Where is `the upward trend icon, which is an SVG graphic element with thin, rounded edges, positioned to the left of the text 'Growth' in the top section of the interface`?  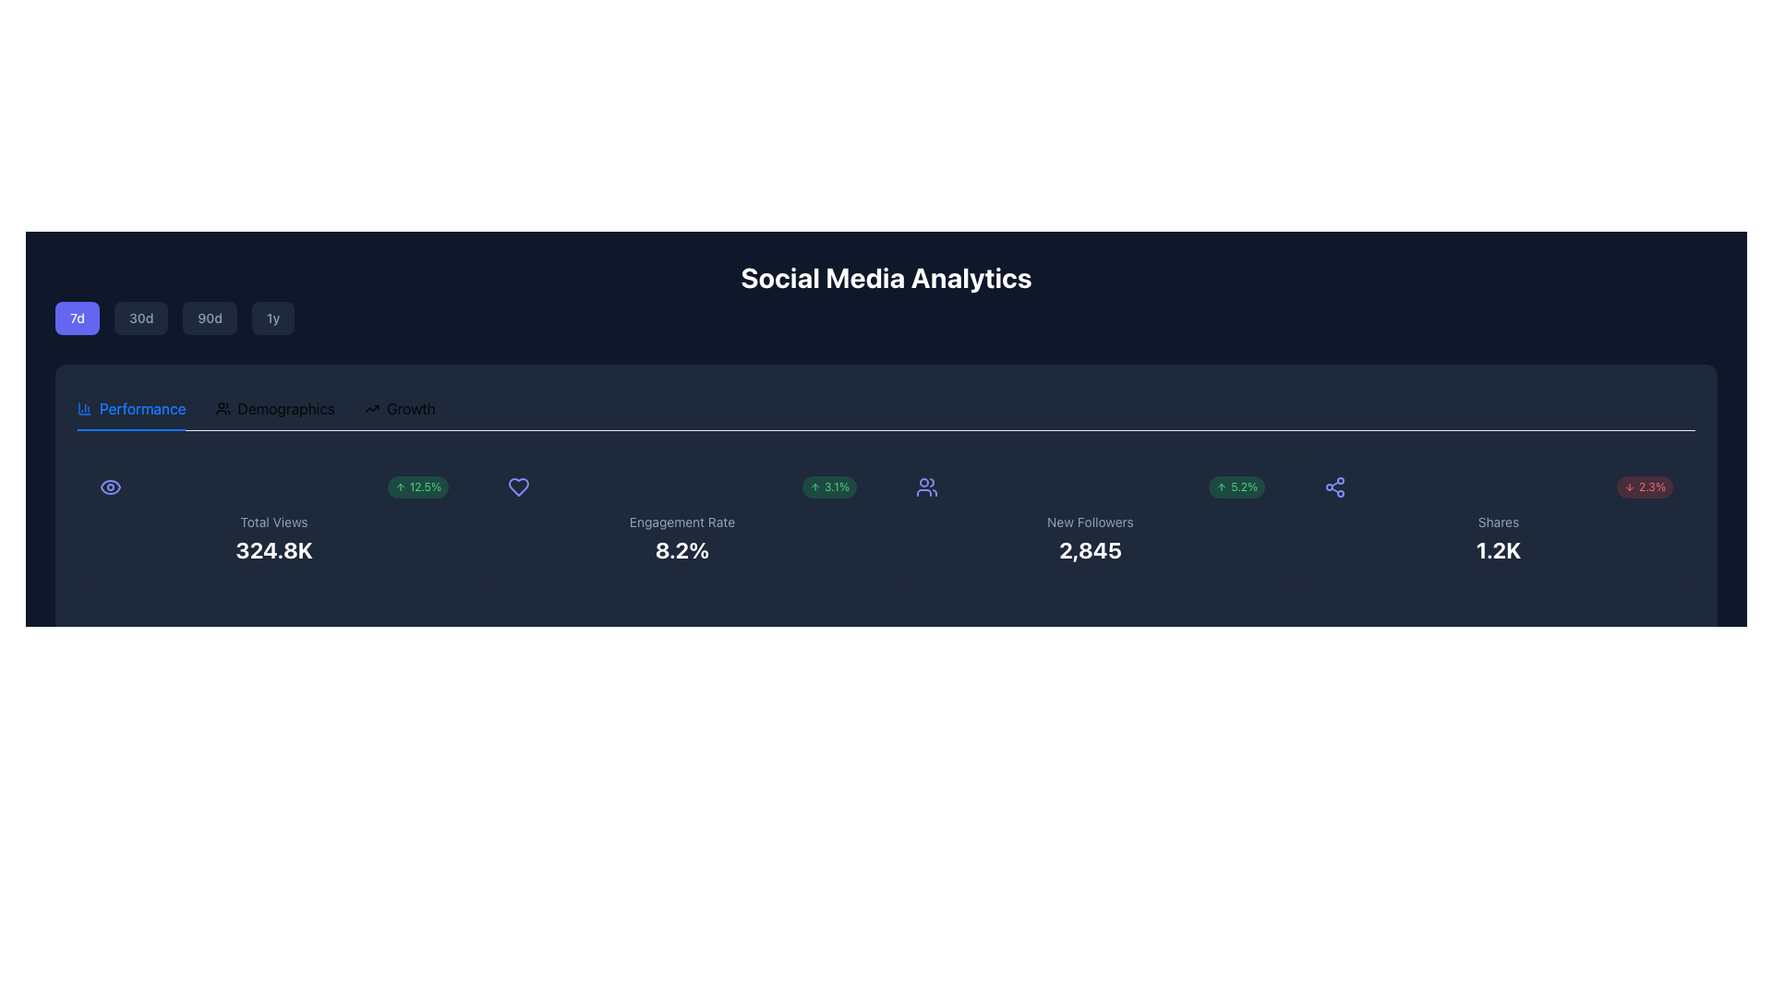
the upward trend icon, which is an SVG graphic element with thin, rounded edges, positioned to the left of the text 'Growth' in the top section of the interface is located at coordinates (371, 408).